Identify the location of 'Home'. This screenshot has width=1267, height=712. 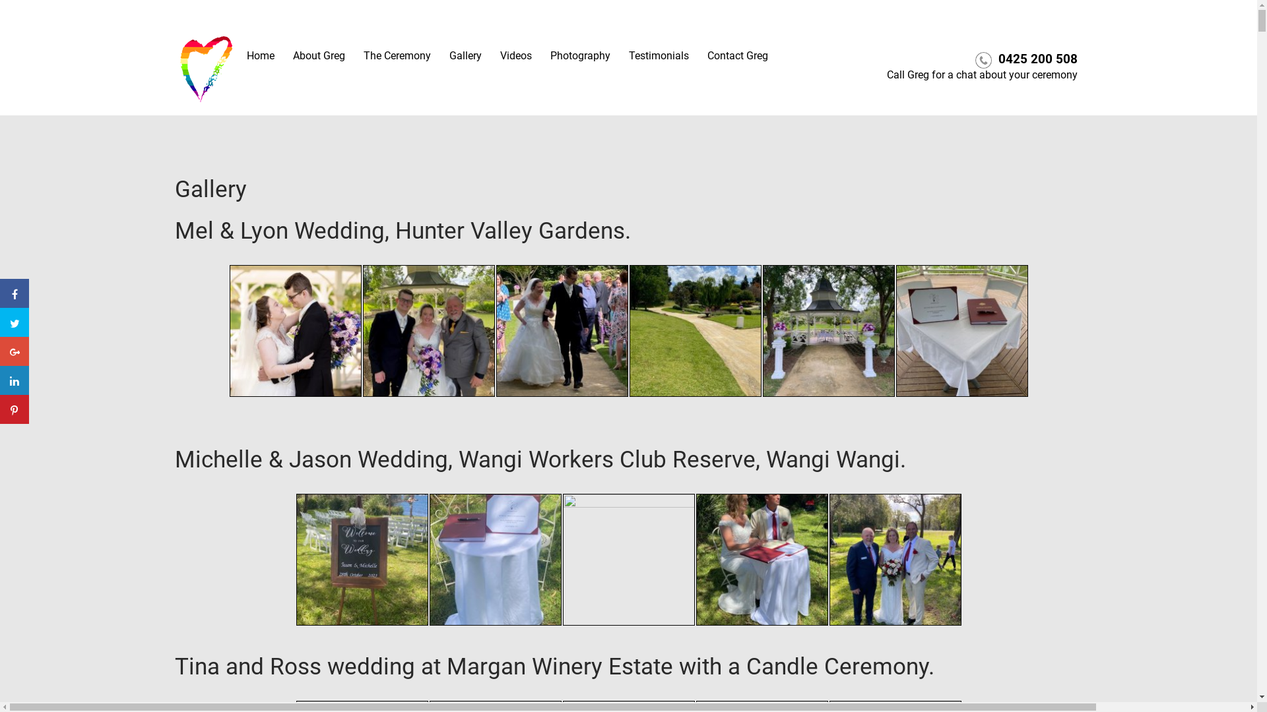
(260, 55).